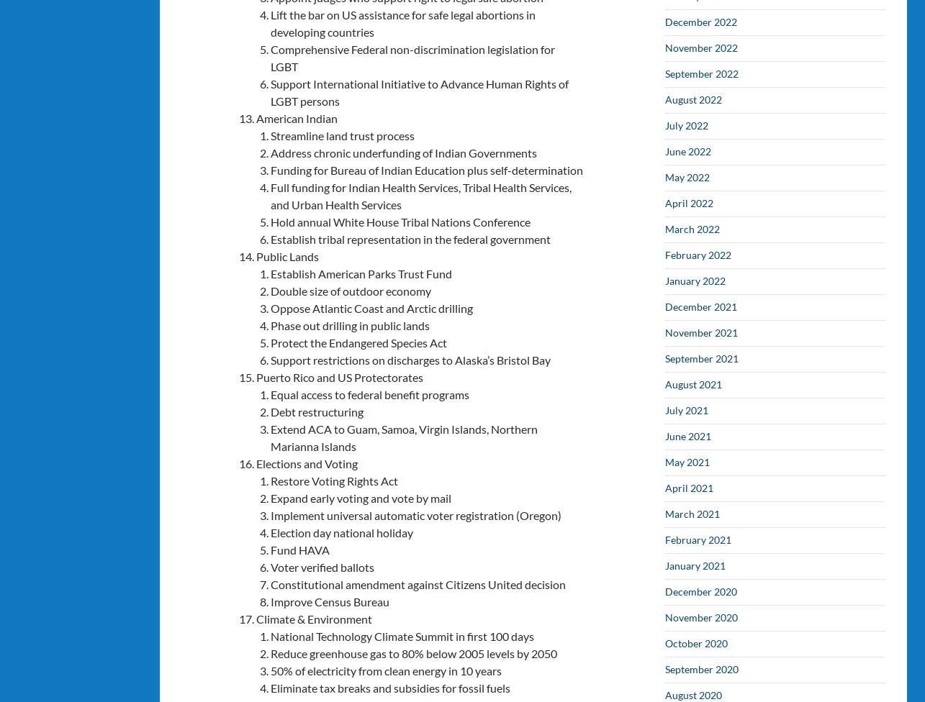  What do you see at coordinates (269, 238) in the screenshot?
I see `'Establish tribal representation in the federal government'` at bounding box center [269, 238].